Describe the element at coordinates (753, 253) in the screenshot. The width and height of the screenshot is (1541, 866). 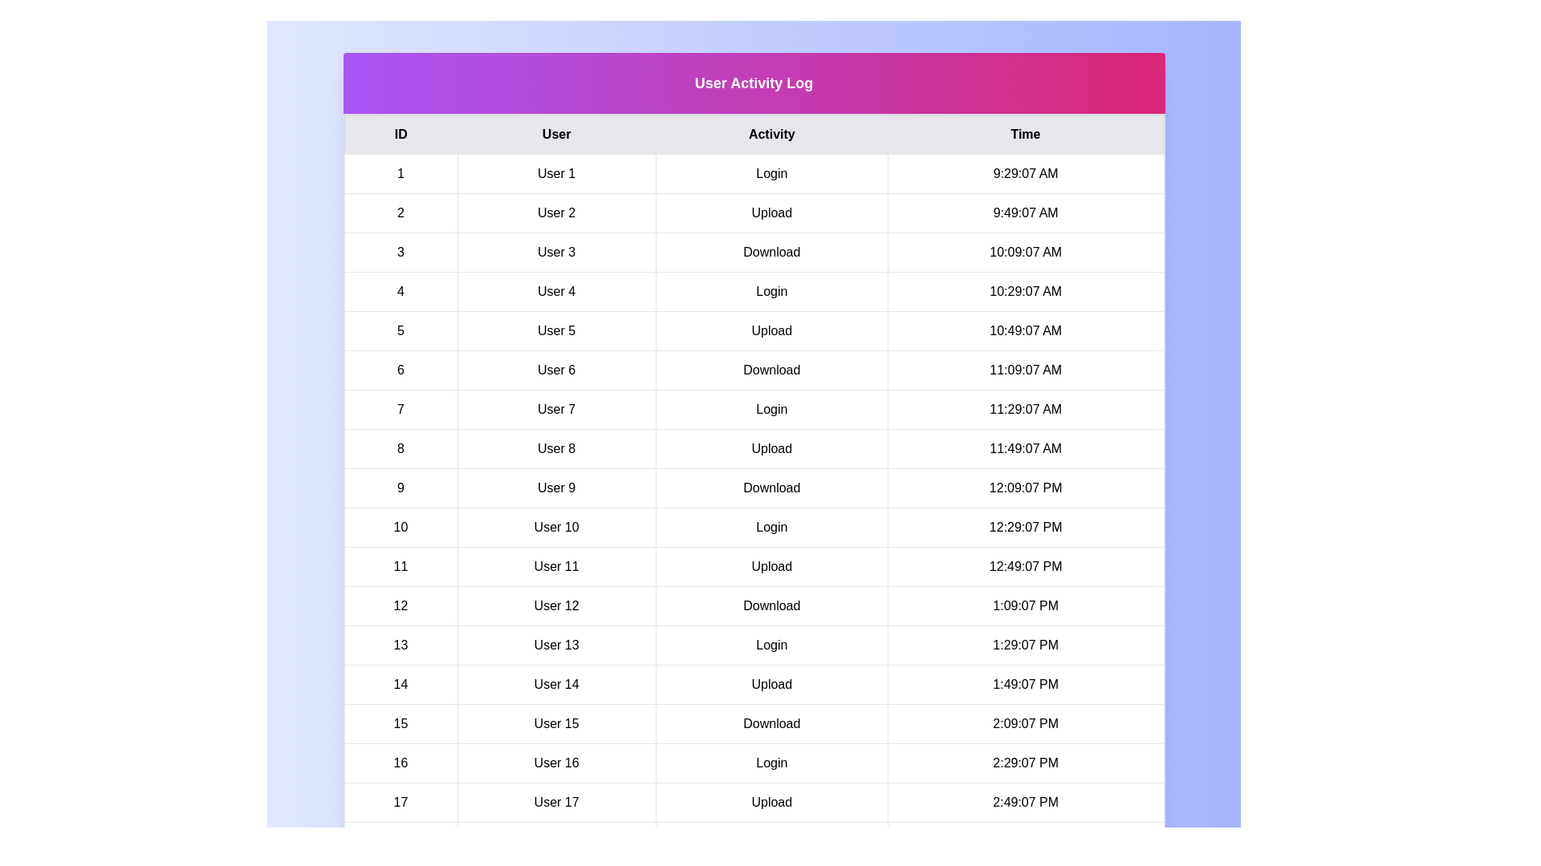
I see `the row corresponding to 3` at that location.